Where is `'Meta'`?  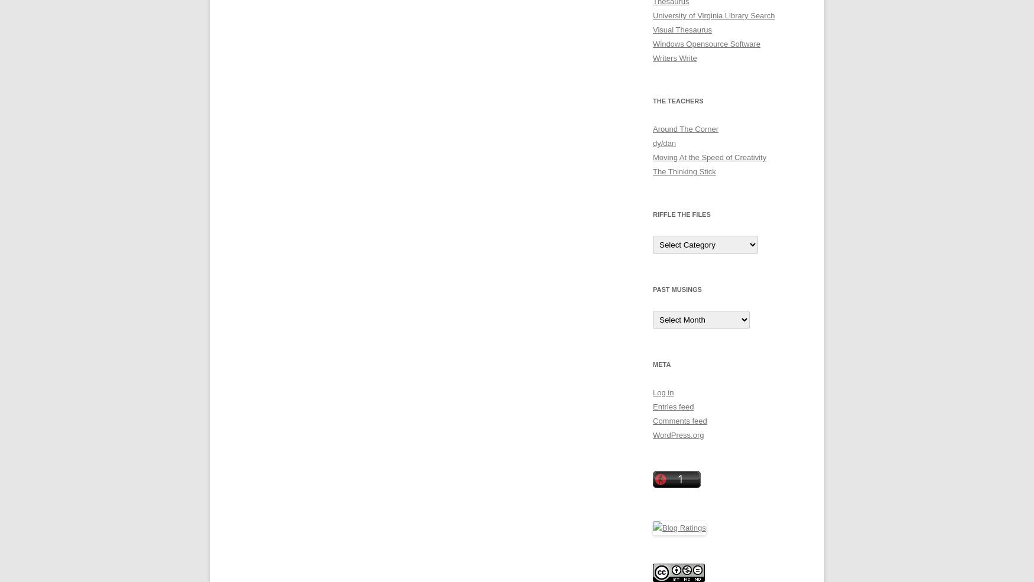 'Meta' is located at coordinates (652, 364).